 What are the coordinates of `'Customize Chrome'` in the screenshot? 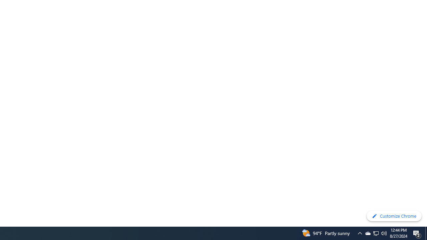 It's located at (394, 216).